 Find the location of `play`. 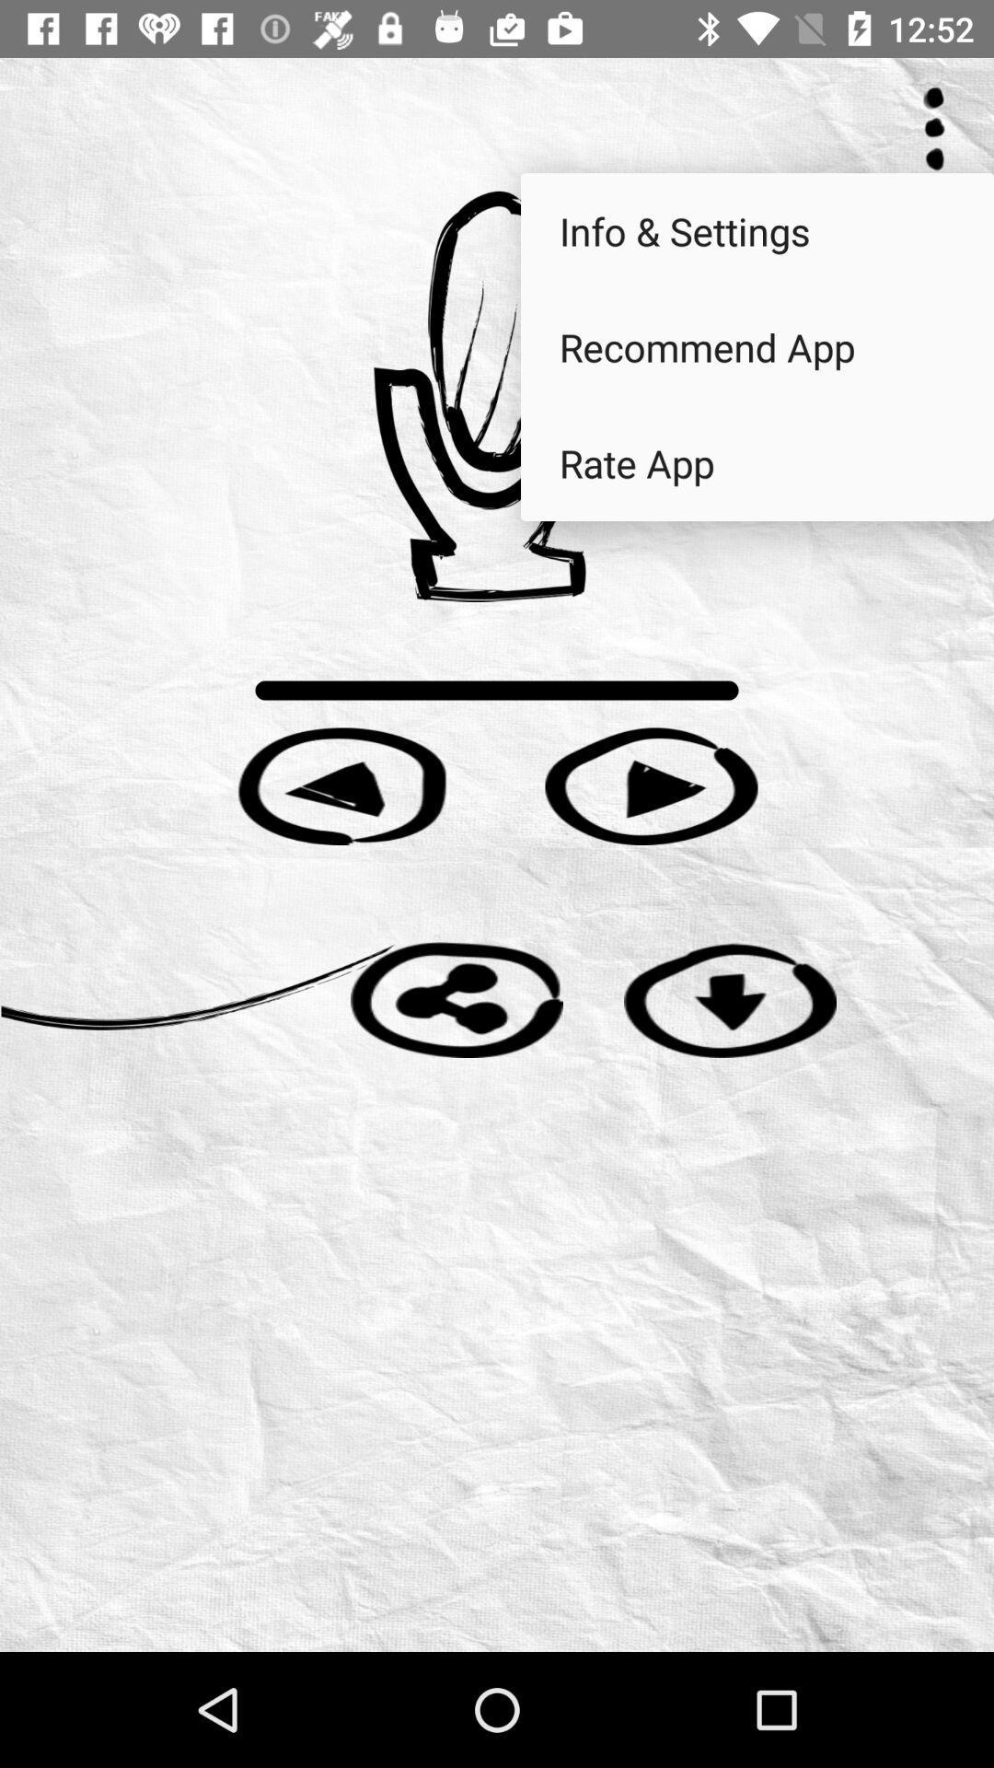

play is located at coordinates (651, 786).